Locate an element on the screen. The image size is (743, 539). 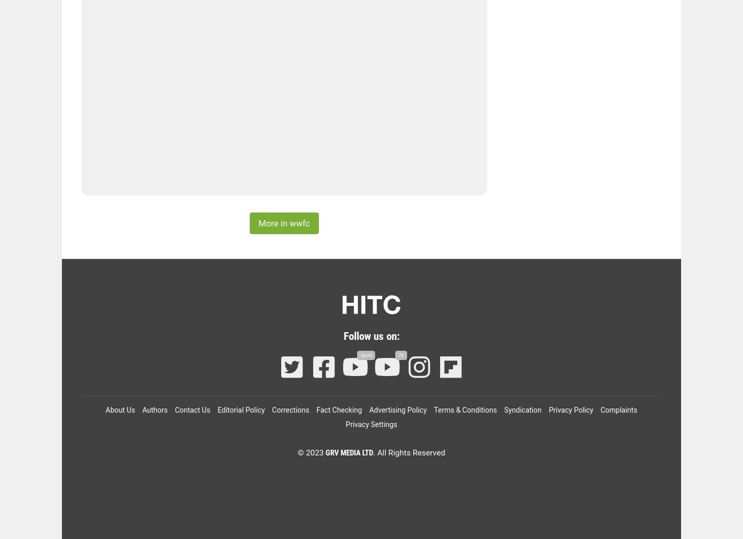
'Privacy Policy' is located at coordinates (548, 410).